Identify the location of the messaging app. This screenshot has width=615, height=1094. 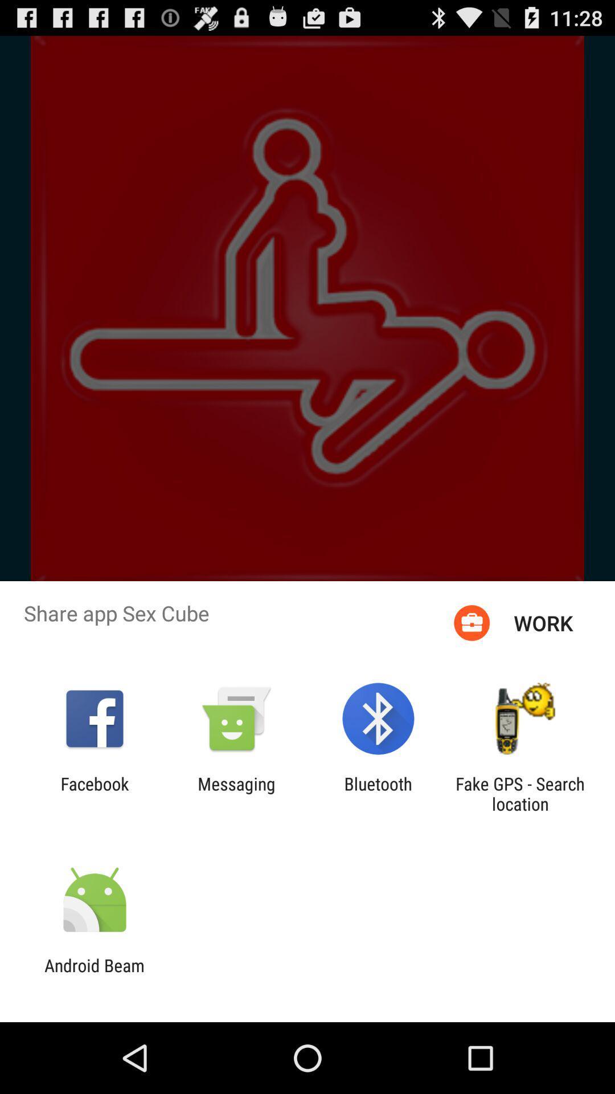
(236, 793).